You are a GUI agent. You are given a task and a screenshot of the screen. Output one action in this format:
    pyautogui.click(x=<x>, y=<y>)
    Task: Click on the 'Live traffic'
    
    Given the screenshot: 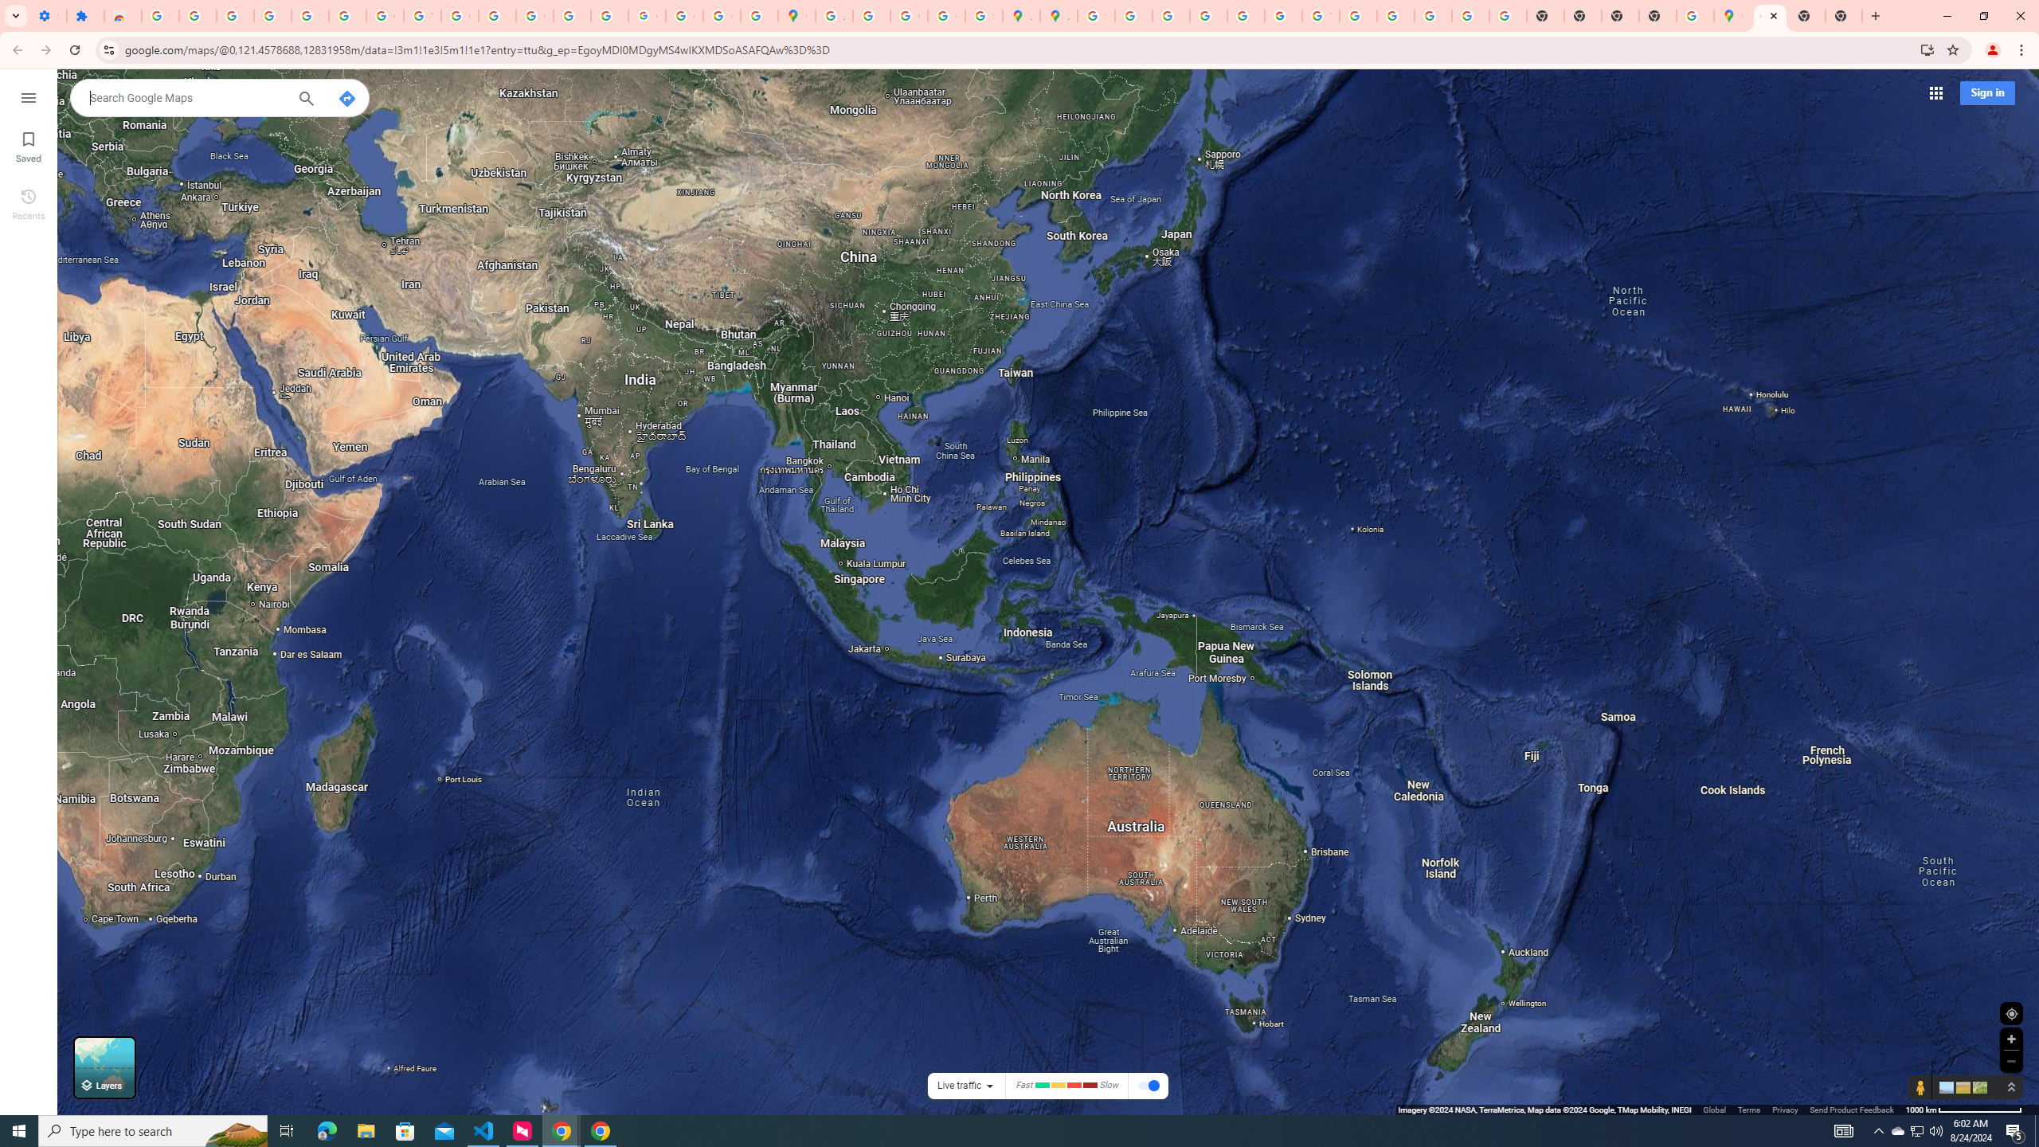 What is the action you would take?
    pyautogui.click(x=958, y=1085)
    